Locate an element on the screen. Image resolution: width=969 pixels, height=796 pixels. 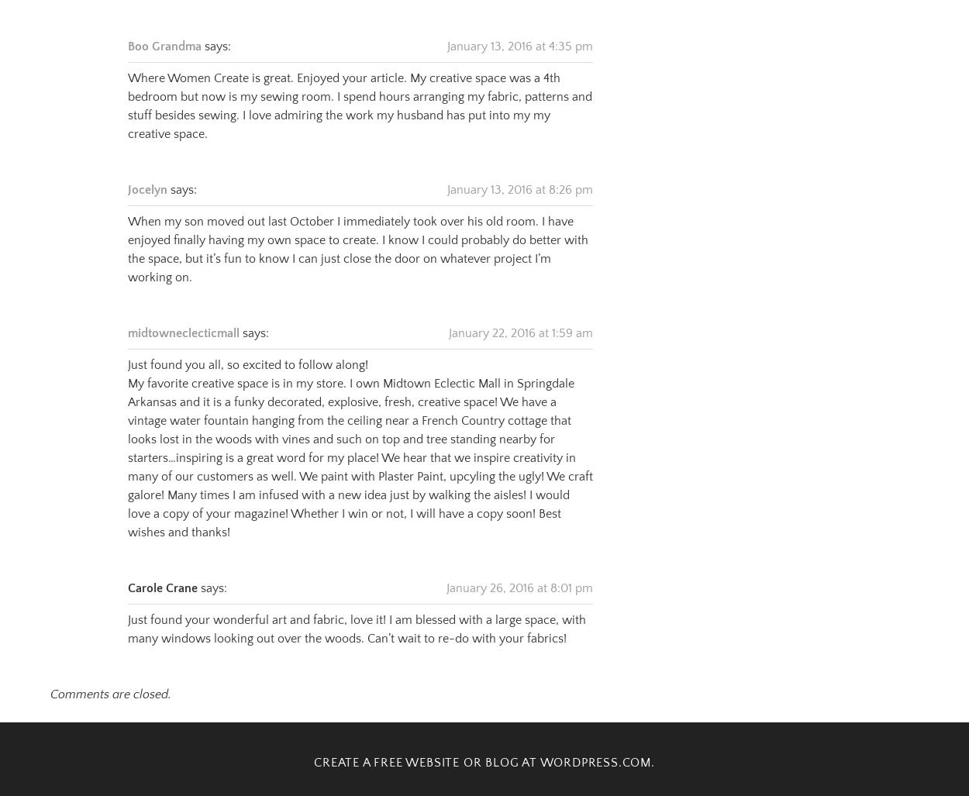
'midtowneclecticmall' is located at coordinates (128, 313).